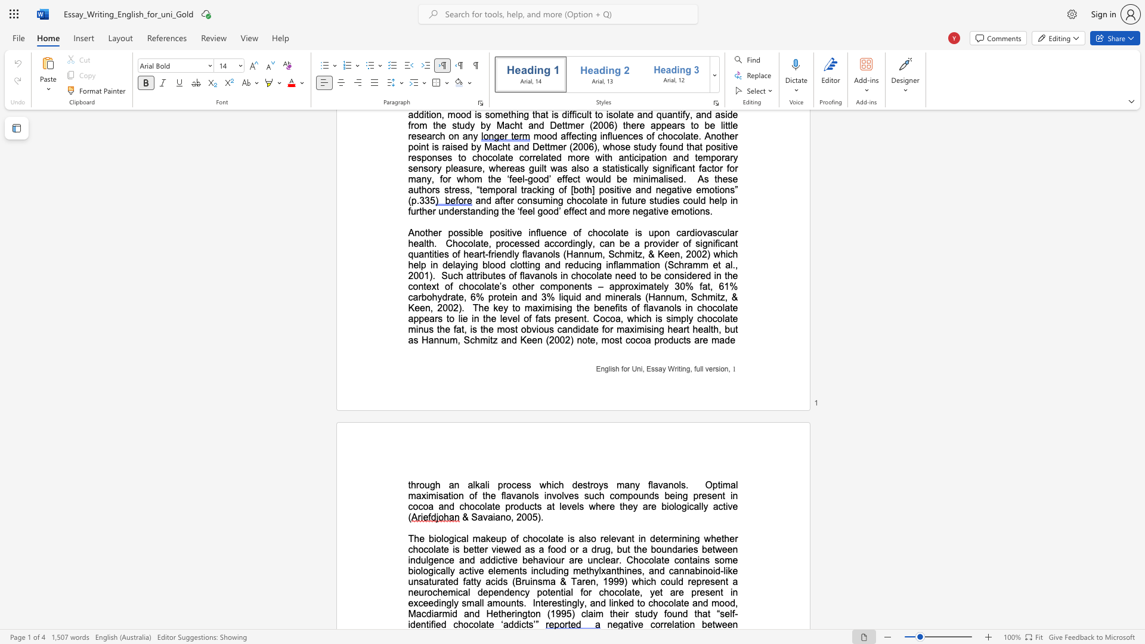 The image size is (1145, 644). I want to click on the subset text "ny flavanol" within the text "through an alkali process which destroys many flavanols", so click(629, 485).